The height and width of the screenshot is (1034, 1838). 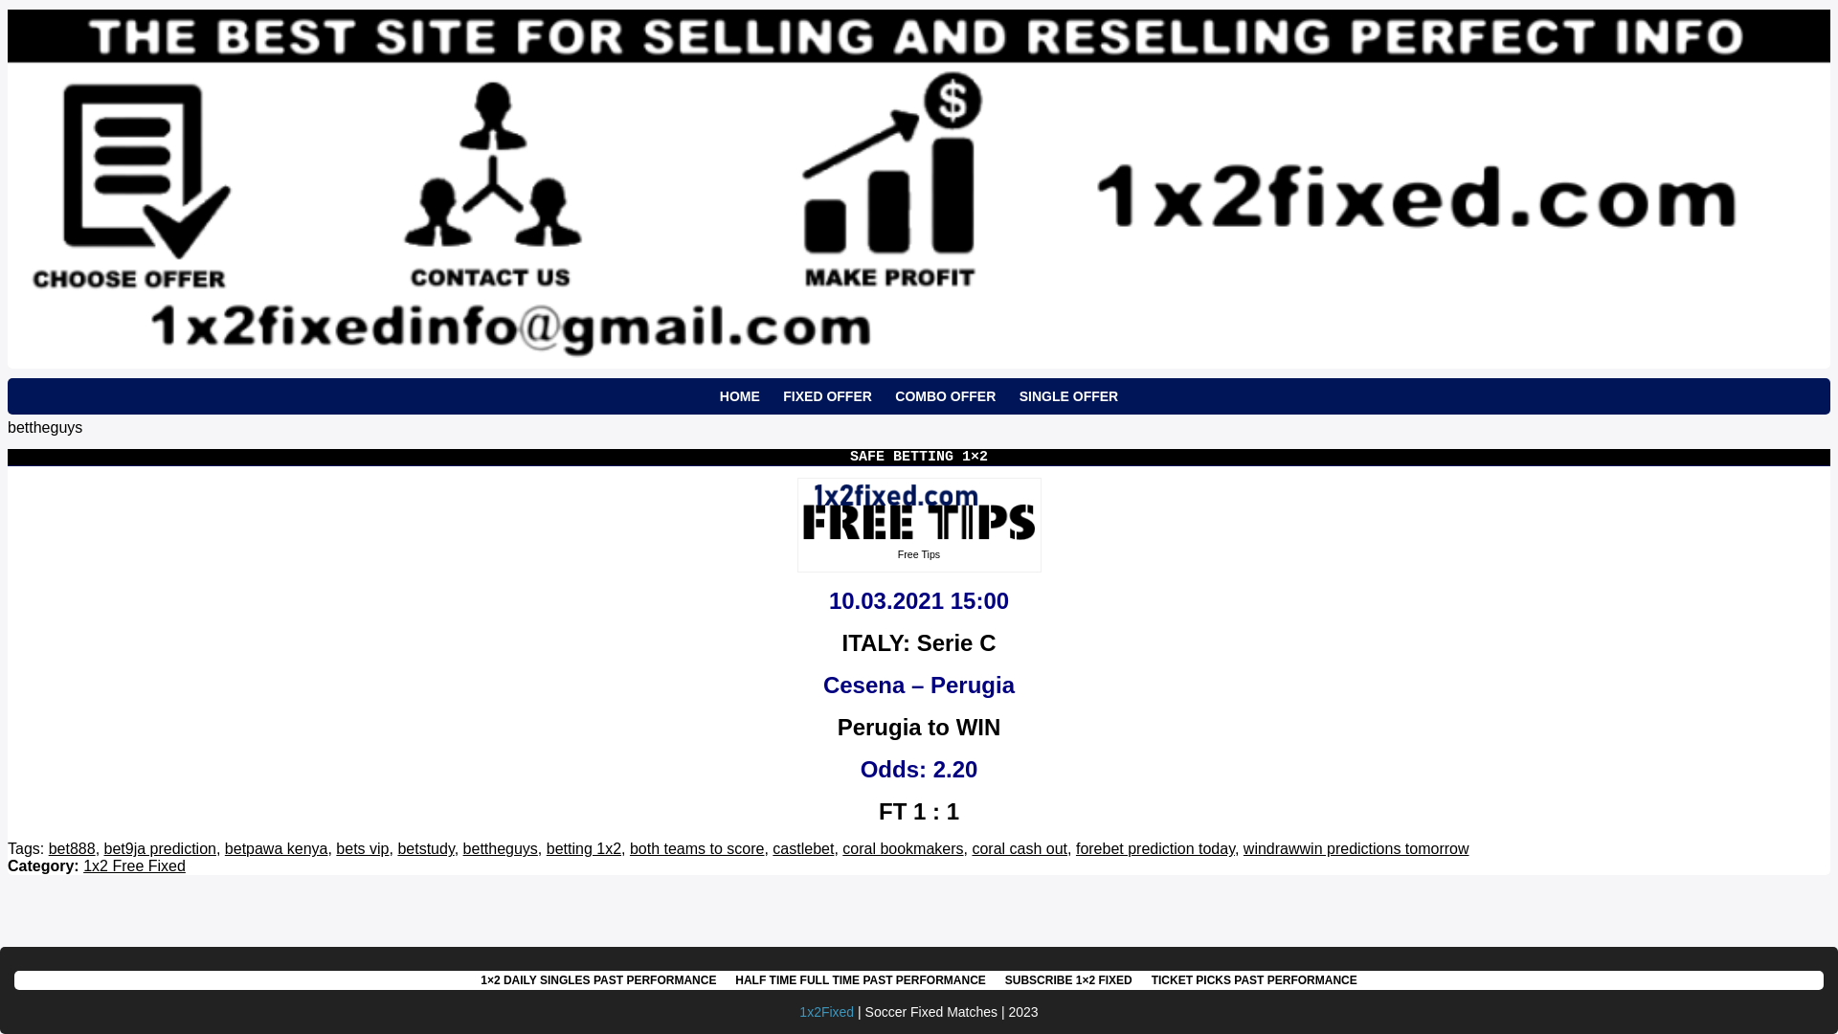 What do you see at coordinates (901, 847) in the screenshot?
I see `'coral bookmakers'` at bounding box center [901, 847].